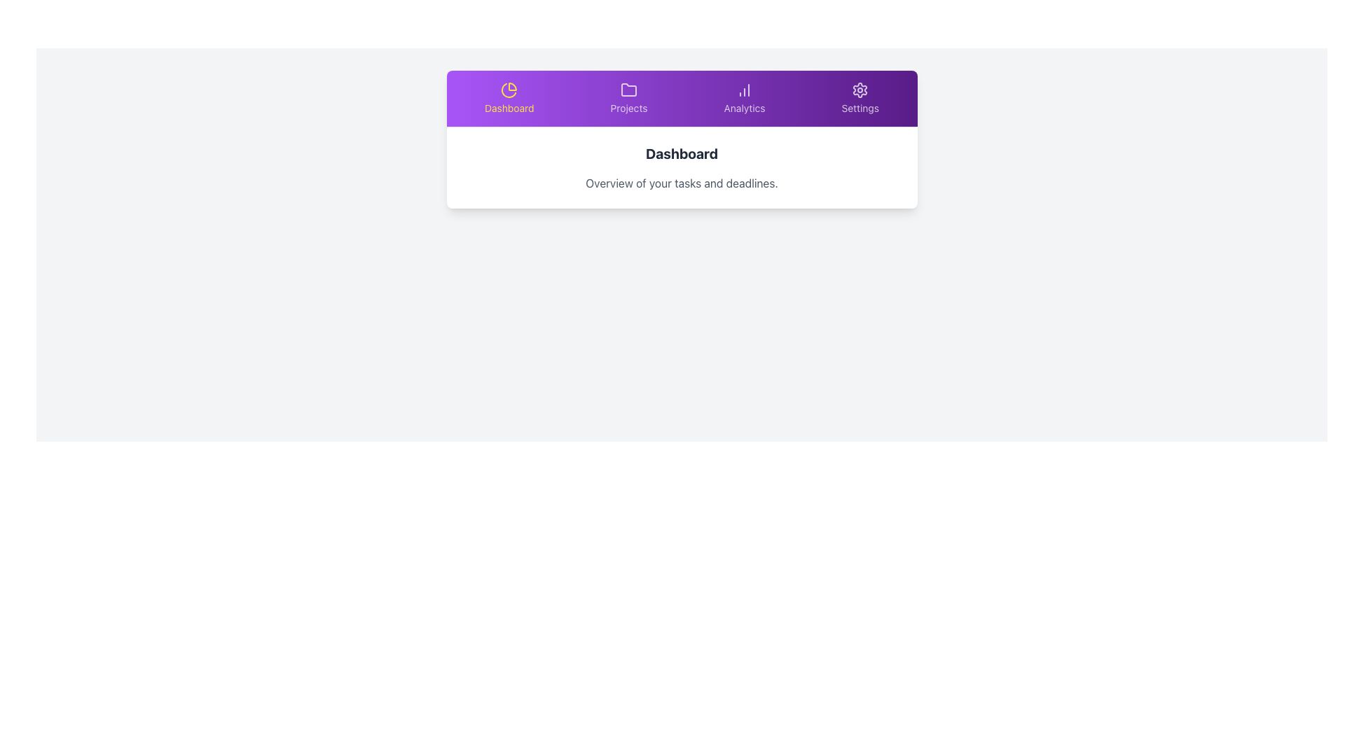 This screenshot has width=1345, height=756. Describe the element at coordinates (860, 107) in the screenshot. I see `'Settings' text label located on the far right of the top navigation bar, just below the gear icon` at that location.